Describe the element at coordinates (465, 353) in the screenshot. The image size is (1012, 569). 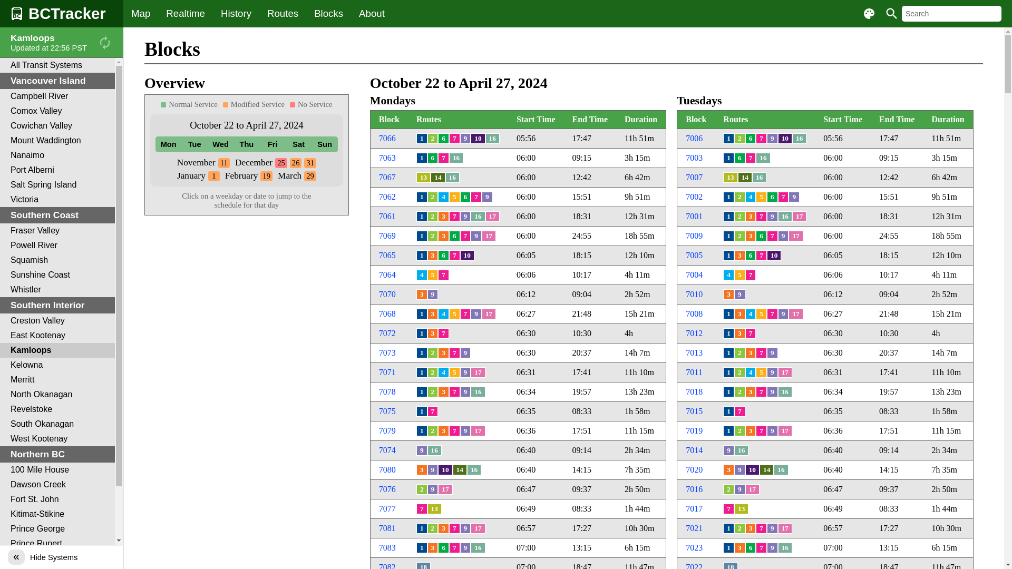
I see `'9'` at that location.